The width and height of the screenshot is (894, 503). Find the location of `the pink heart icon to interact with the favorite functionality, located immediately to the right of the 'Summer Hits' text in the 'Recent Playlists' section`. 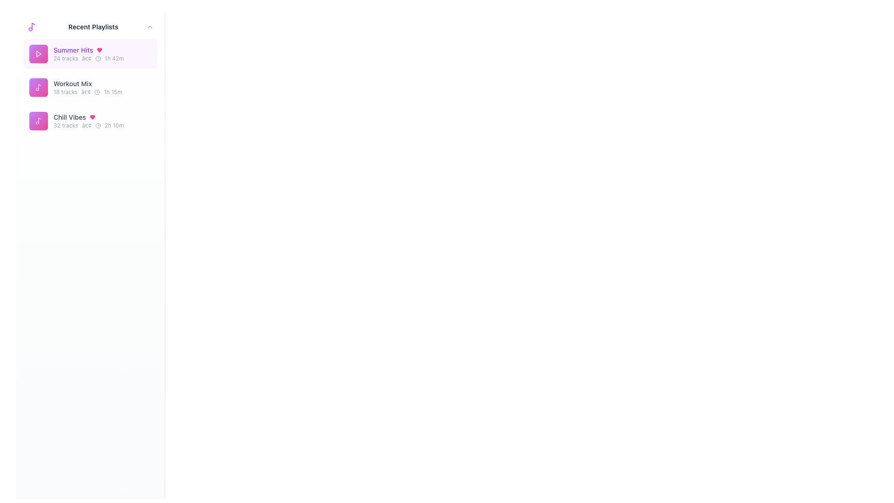

the pink heart icon to interact with the favorite functionality, located immediately to the right of the 'Summer Hits' text in the 'Recent Playlists' section is located at coordinates (100, 50).